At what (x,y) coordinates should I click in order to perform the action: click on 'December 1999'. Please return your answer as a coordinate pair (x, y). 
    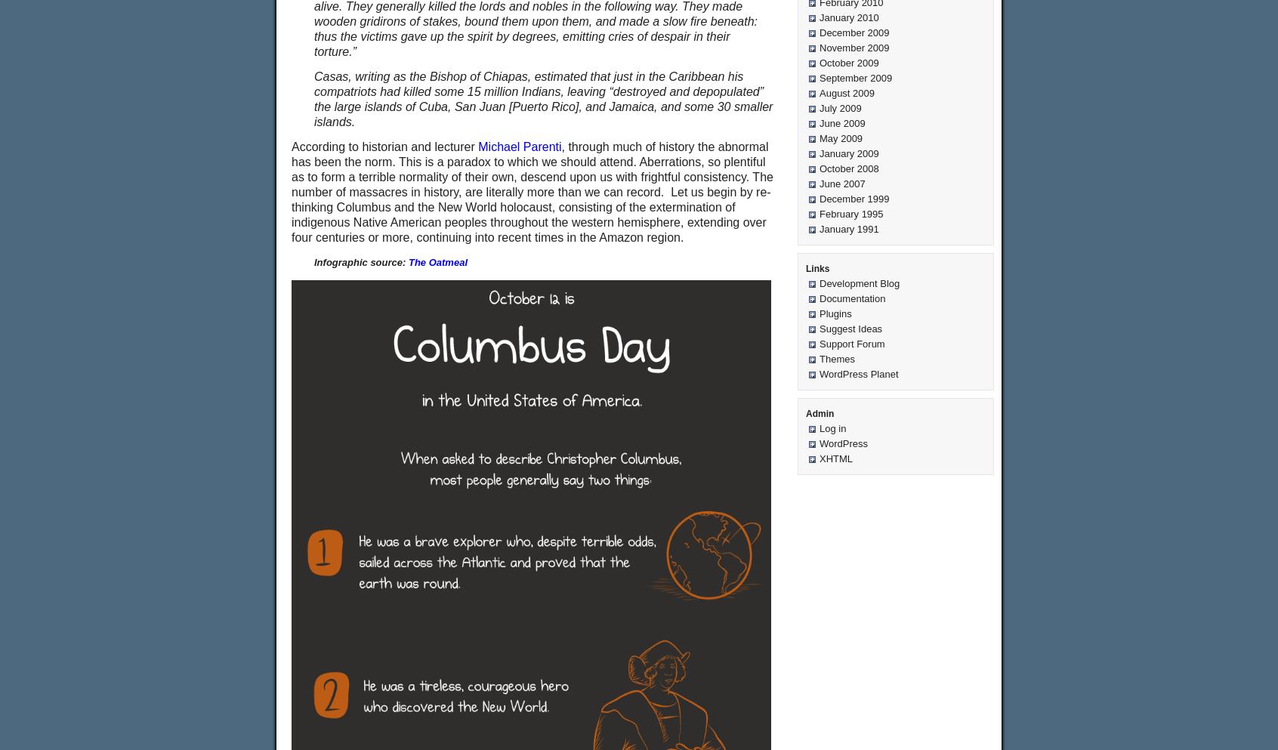
    Looking at the image, I should click on (853, 198).